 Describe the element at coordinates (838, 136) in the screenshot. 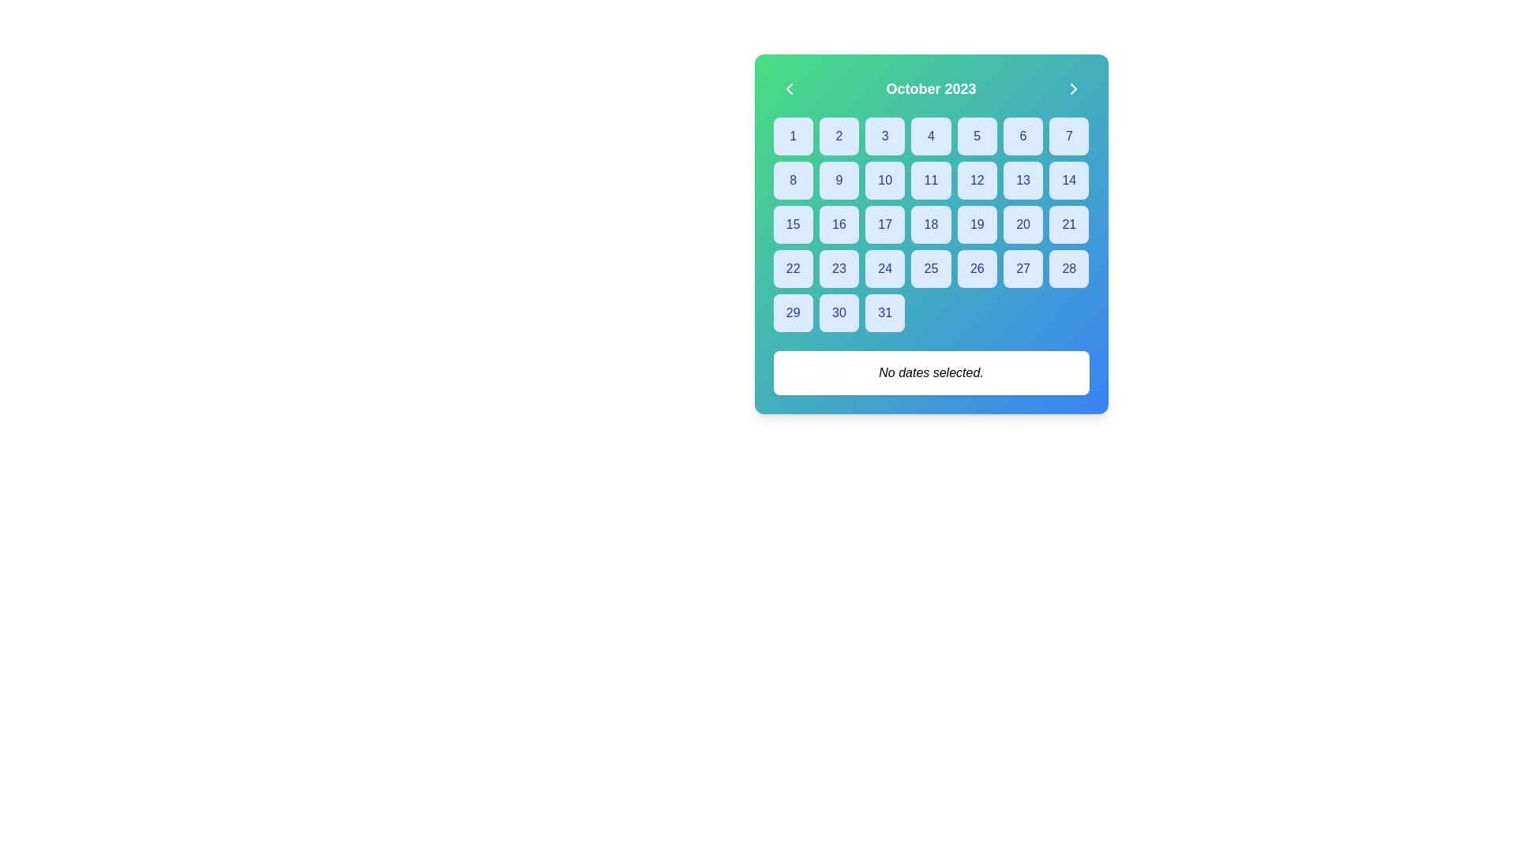

I see `the button displaying the number '2' in bold, which is the second item in the calendar-like grid layout for October 2023` at that location.